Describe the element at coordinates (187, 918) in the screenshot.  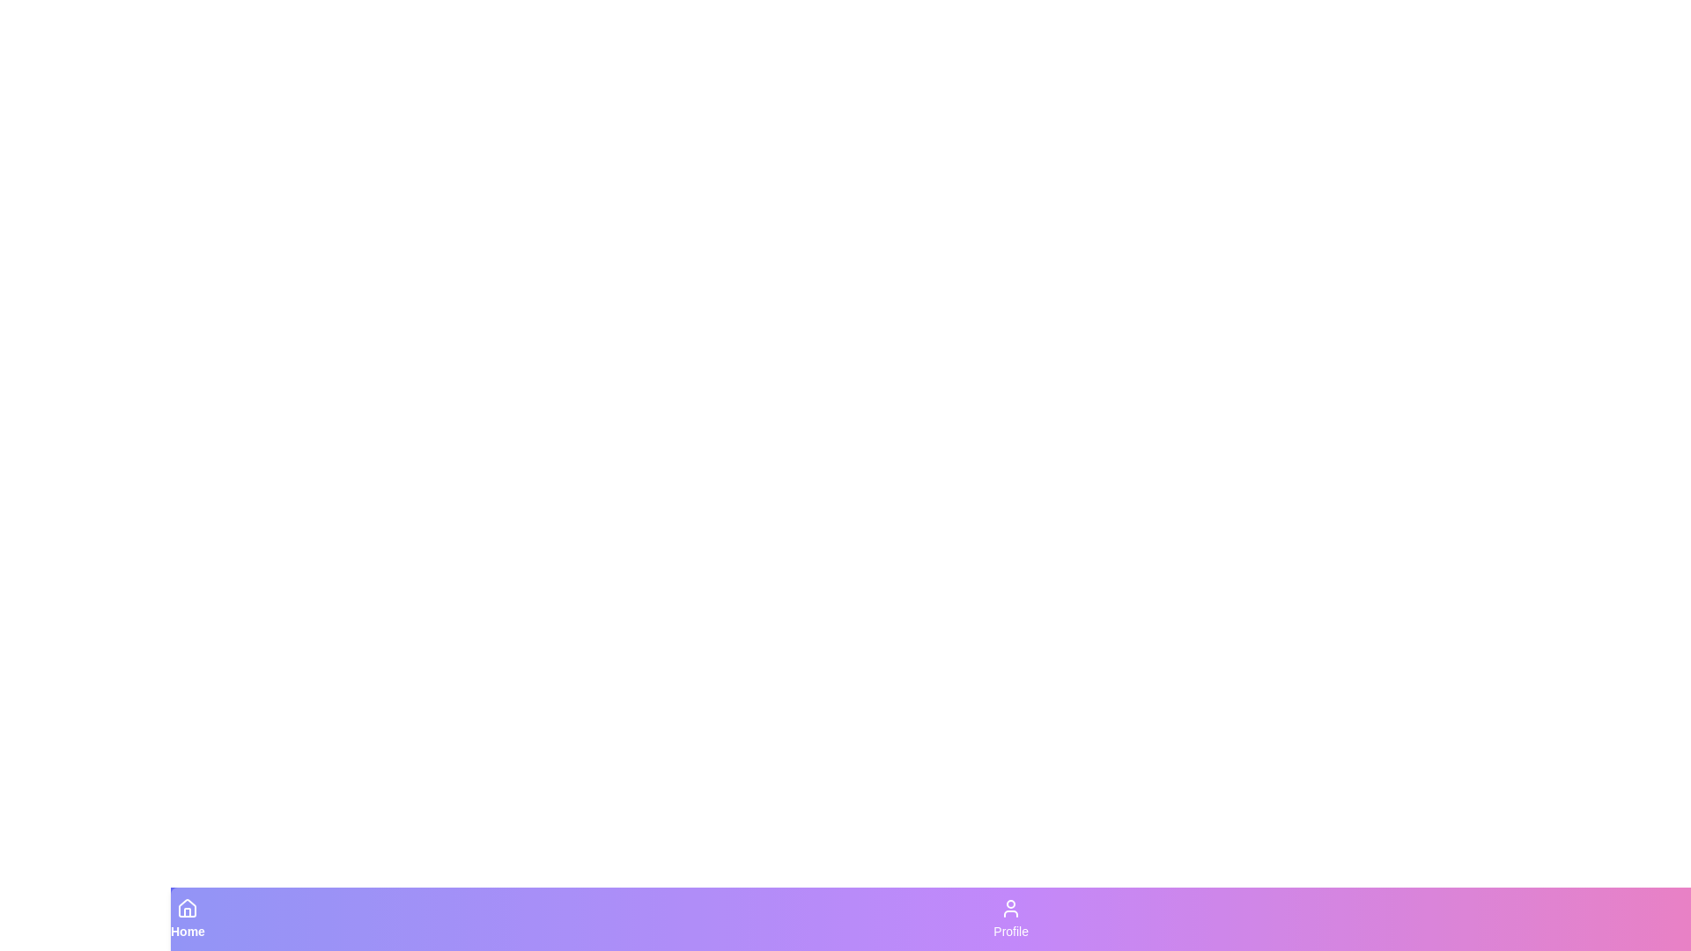
I see `the Home navigation item to change the active view` at that location.